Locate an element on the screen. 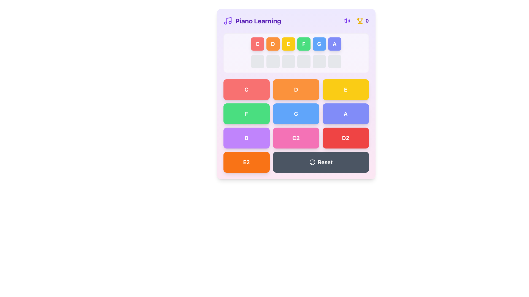  the horizontal button group located below the 'Piano Learning' header is located at coordinates (296, 53).